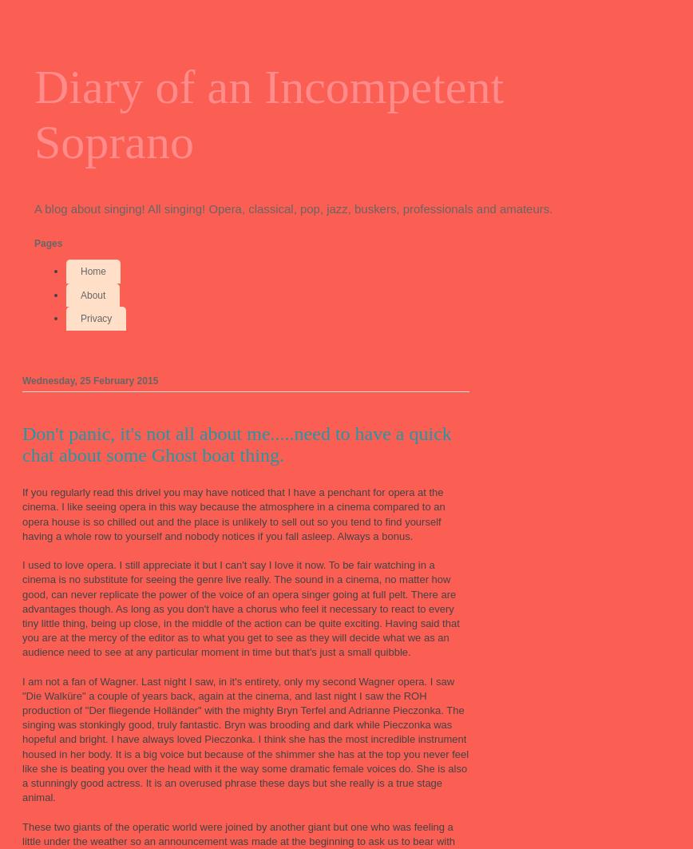  What do you see at coordinates (96, 319) in the screenshot?
I see `'Privacy'` at bounding box center [96, 319].